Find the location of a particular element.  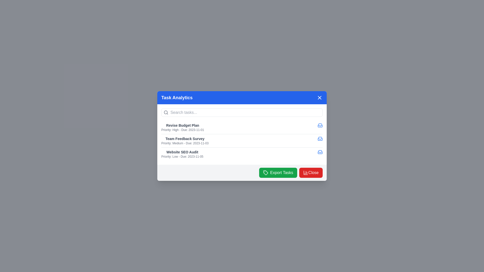

the text label providing priority level ('High') and due date ('2023-11-01') for the task titled 'Revise Budget Plan', located beneath the title in the first task row of the Task Analytics dialog box is located at coordinates (182, 130).